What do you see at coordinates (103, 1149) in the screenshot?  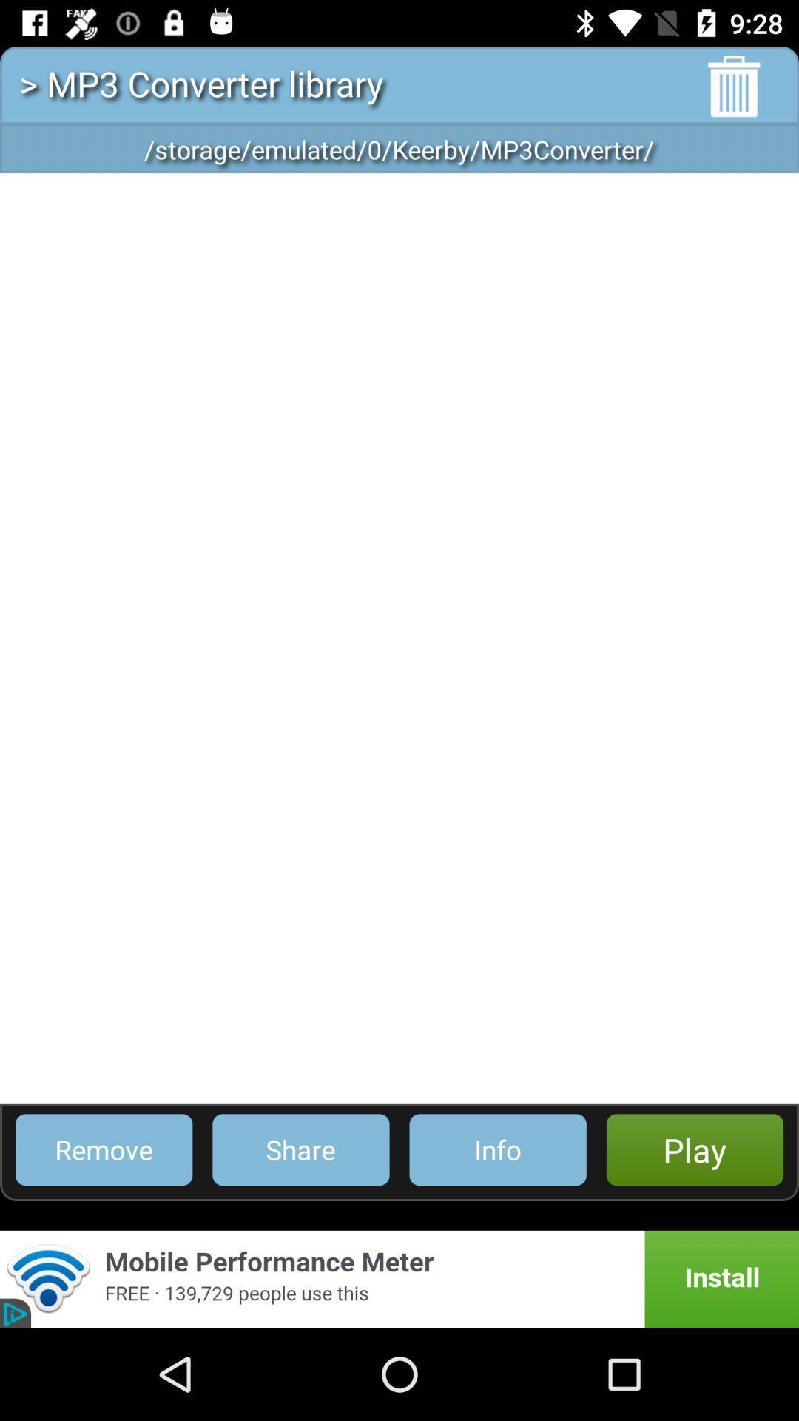 I see `item next to the share` at bounding box center [103, 1149].